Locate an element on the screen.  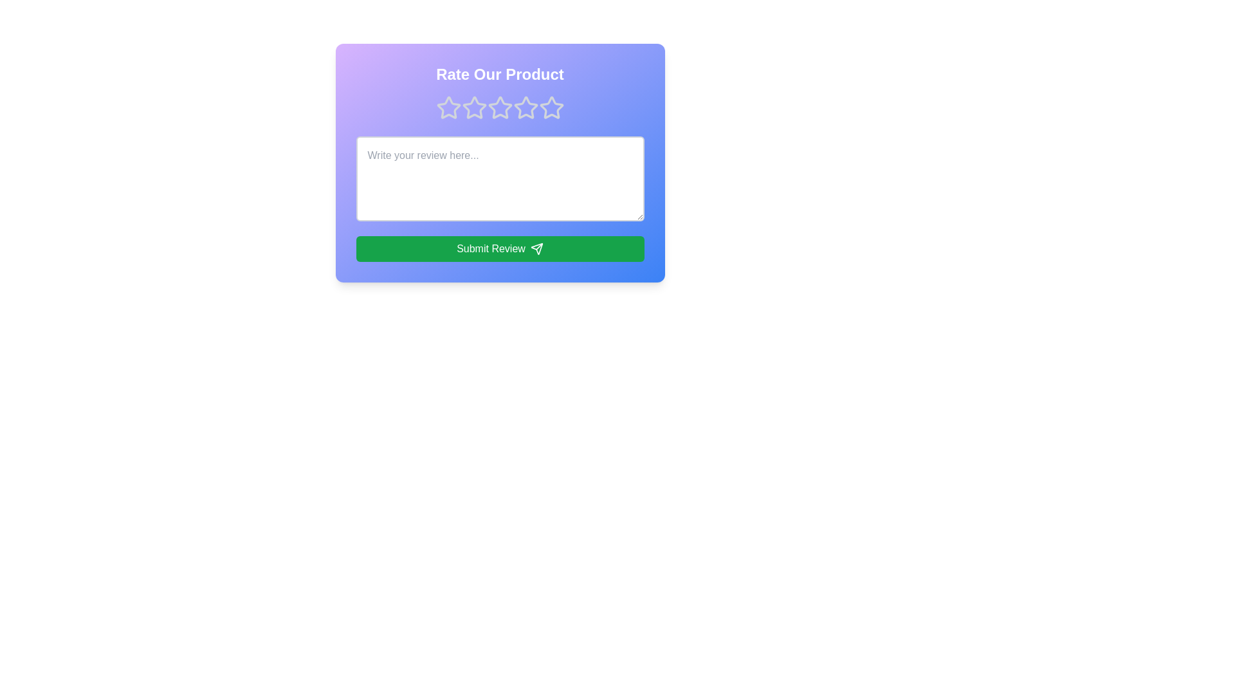
the first hollow star-shaped graphical icon with a light gray outline on a blue-to-violet gradient background is located at coordinates (448, 107).